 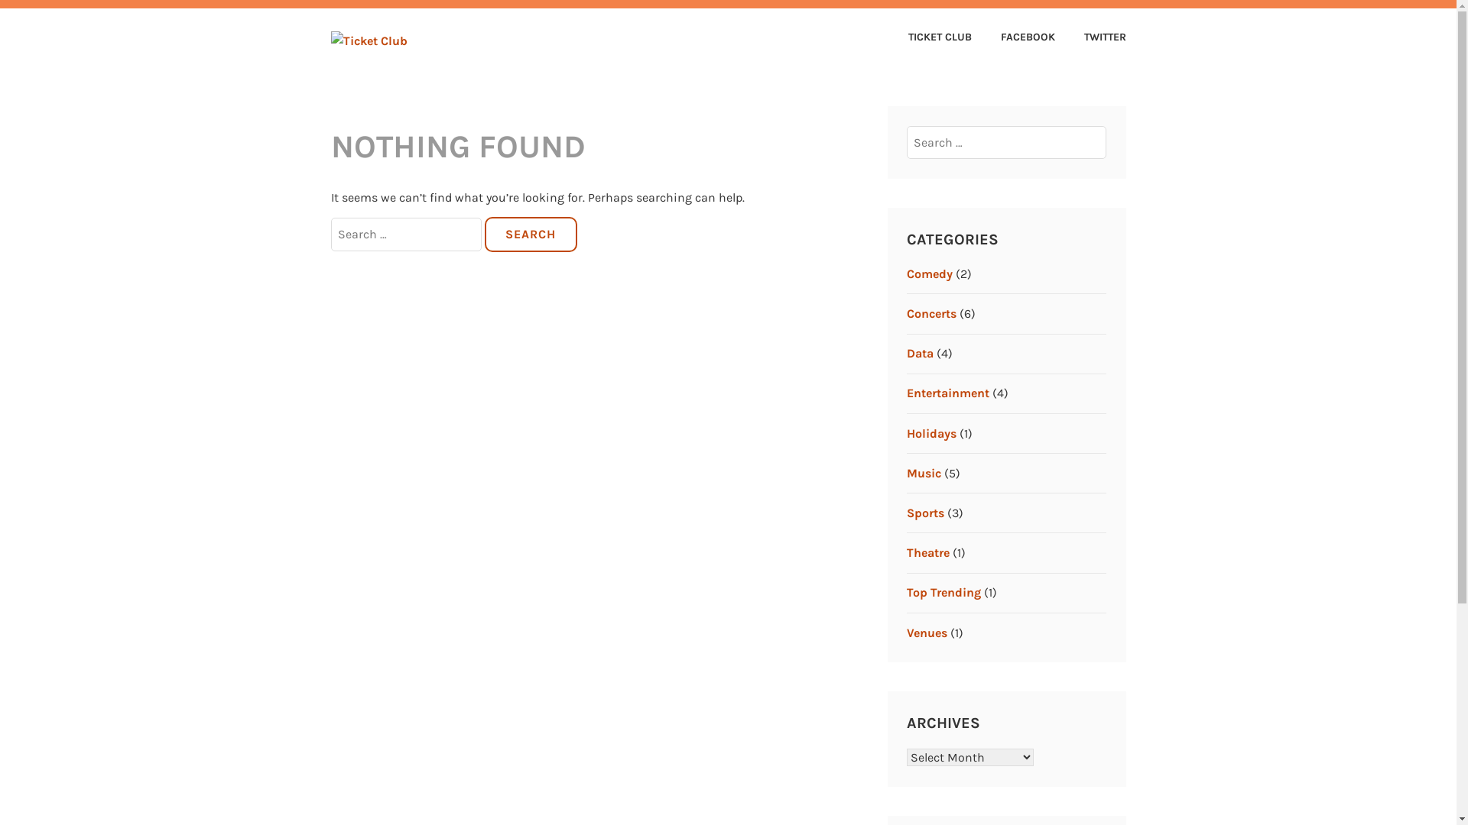 I want to click on 'FACEBOOK', so click(x=974, y=37).